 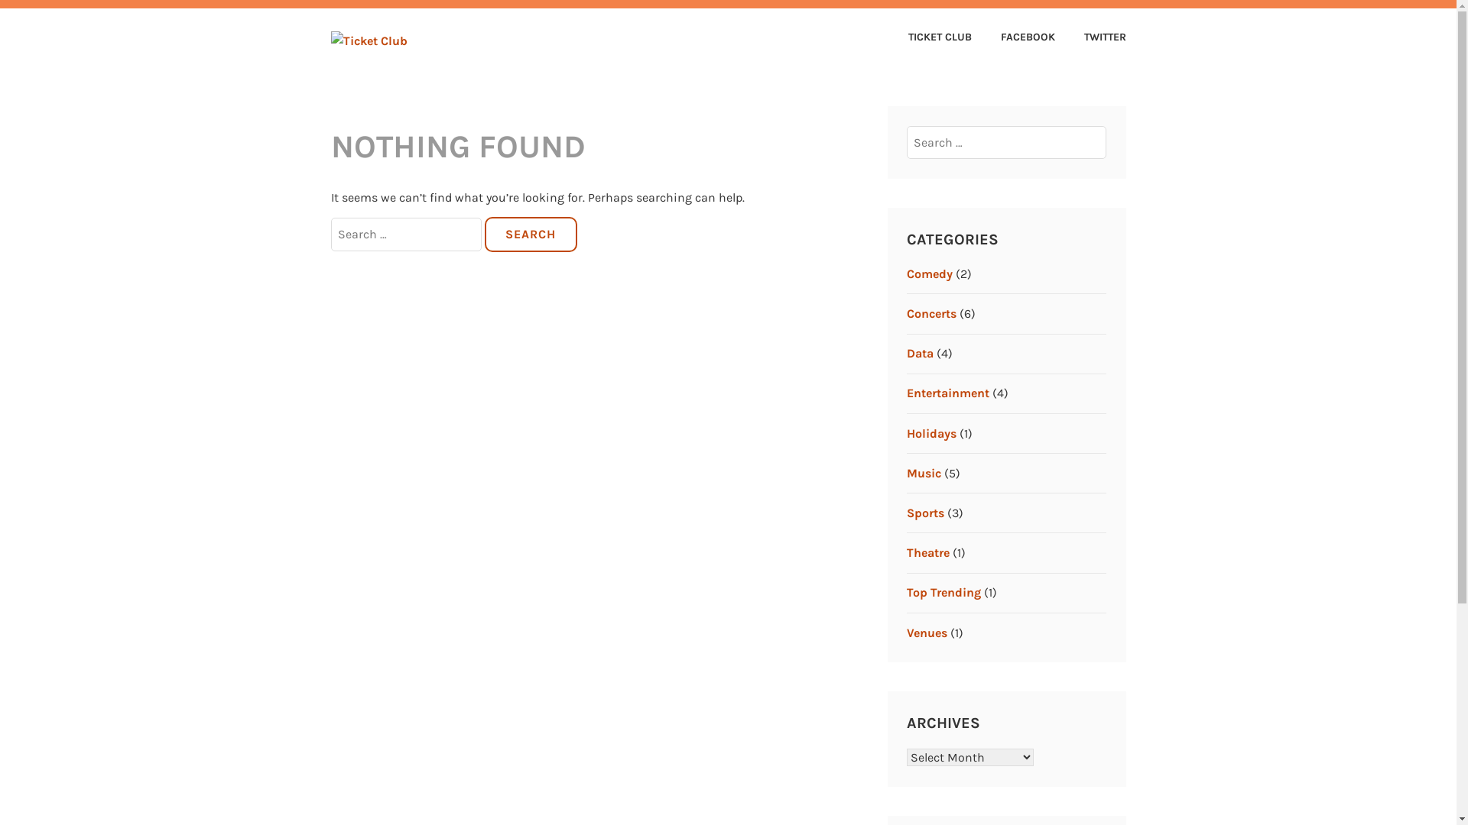 I want to click on 'FACEBOOK', so click(x=974, y=37).